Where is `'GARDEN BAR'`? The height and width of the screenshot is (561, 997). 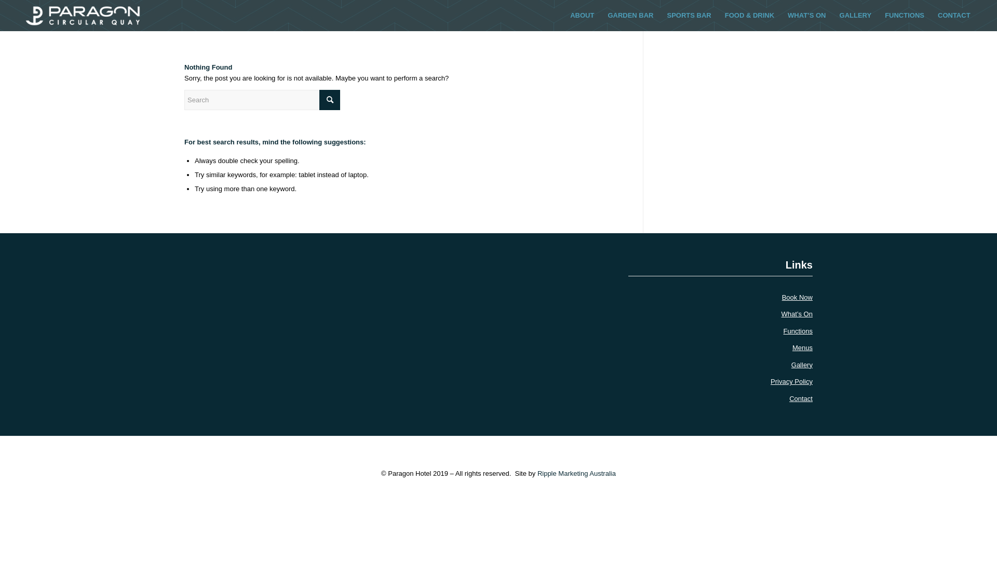
'GARDEN BAR' is located at coordinates (630, 16).